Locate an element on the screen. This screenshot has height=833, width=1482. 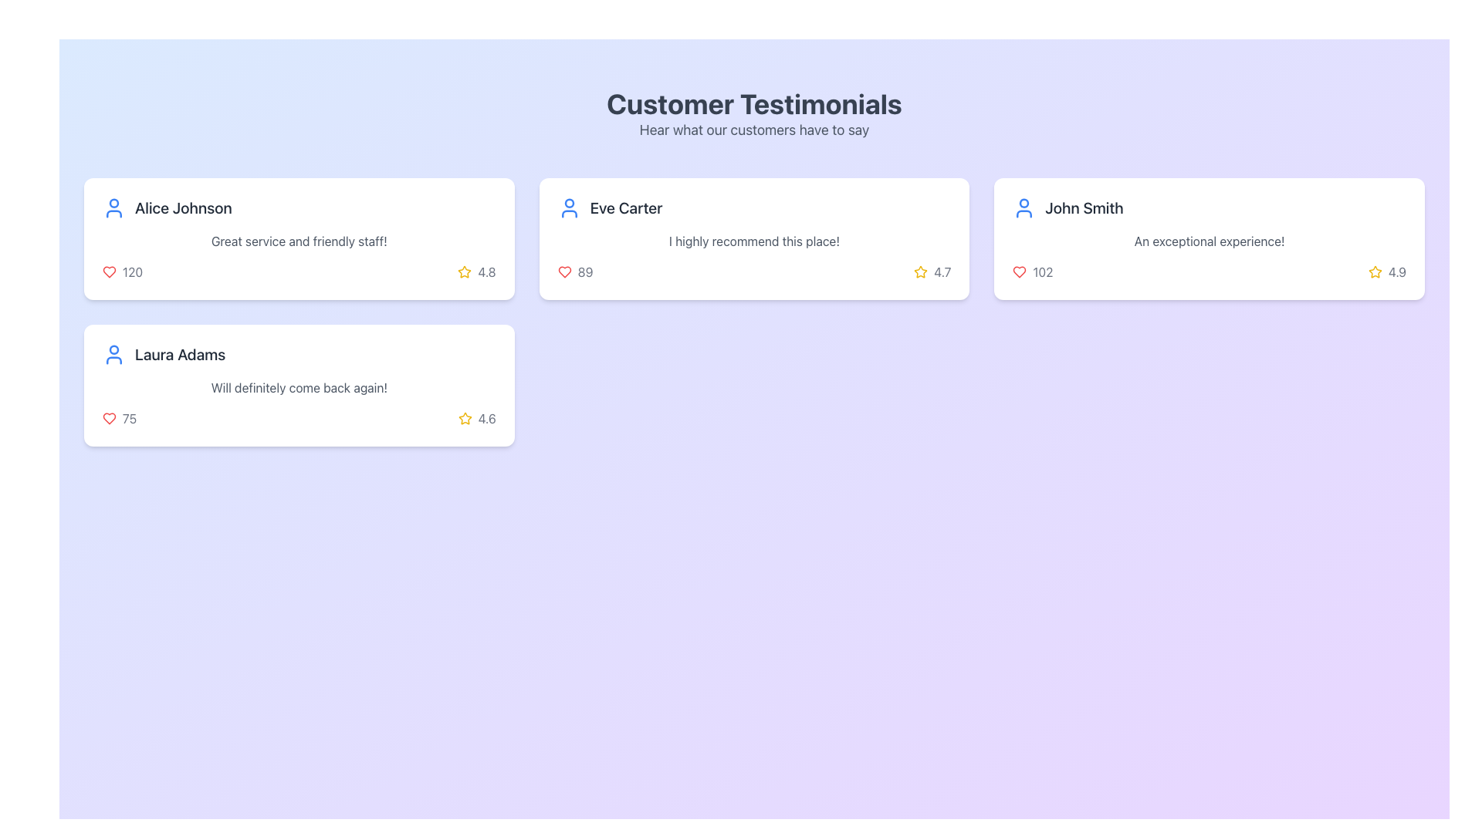
the text display that reads 'I highly recommend this place!' which is located in the review card below 'Eve Carter' and above the likes count and rating is located at coordinates (754, 241).